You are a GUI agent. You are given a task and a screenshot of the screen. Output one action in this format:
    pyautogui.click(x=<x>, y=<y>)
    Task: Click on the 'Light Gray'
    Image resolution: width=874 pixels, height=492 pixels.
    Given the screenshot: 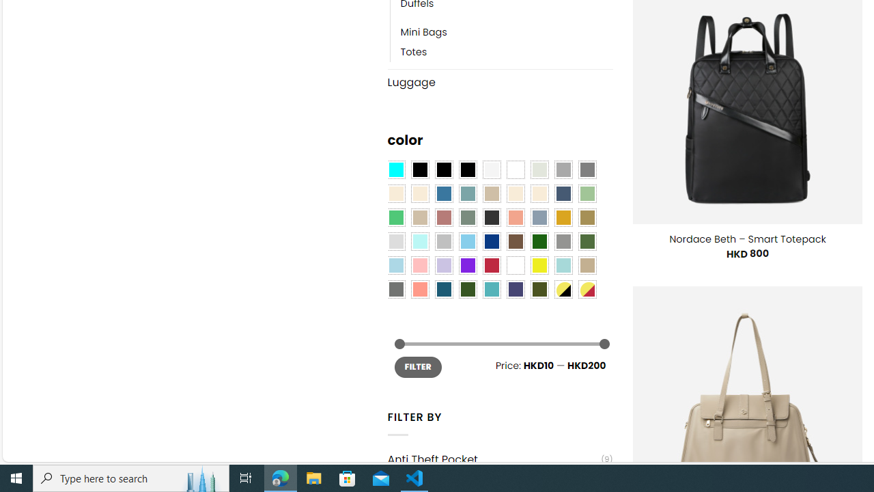 What is the action you would take?
    pyautogui.click(x=395, y=241)
    